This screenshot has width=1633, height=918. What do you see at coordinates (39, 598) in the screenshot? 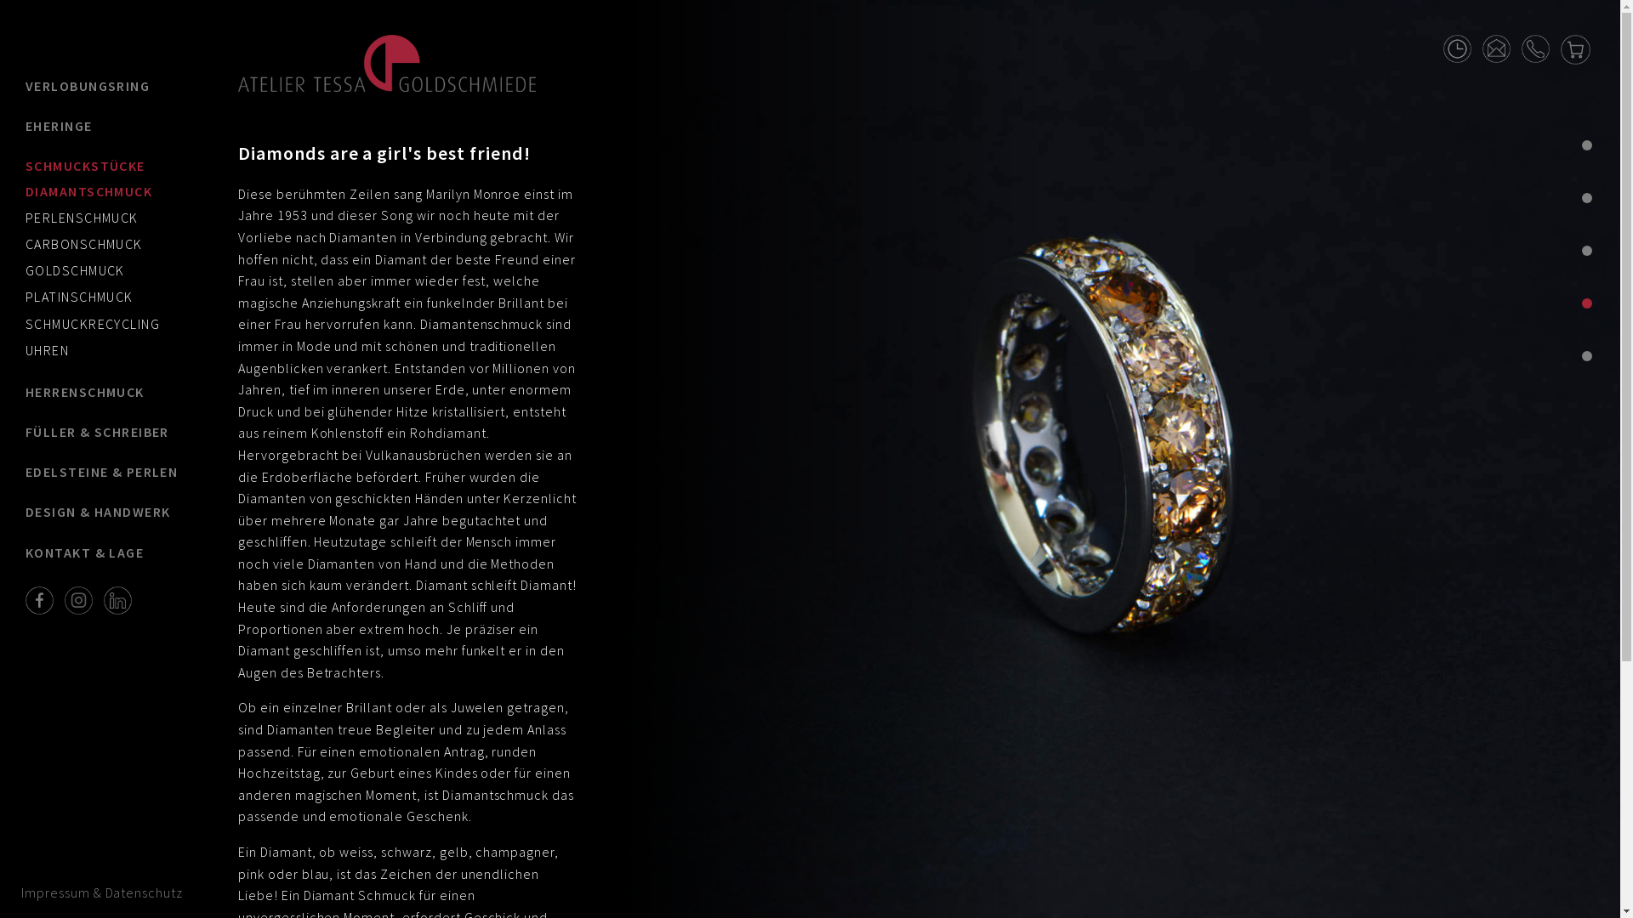
I see `'Facebook'` at bounding box center [39, 598].